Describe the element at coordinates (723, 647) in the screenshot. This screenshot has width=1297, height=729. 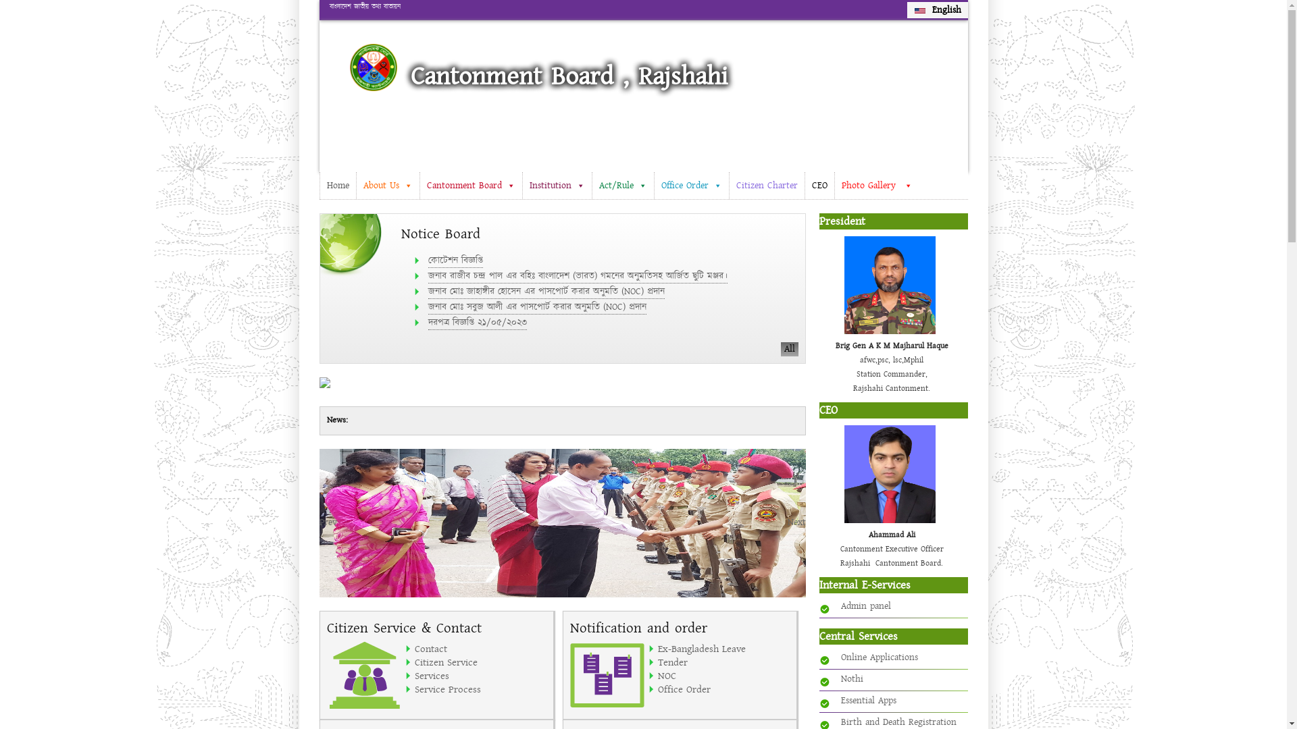
I see `'Ex-Bangladesh Leave'` at that location.